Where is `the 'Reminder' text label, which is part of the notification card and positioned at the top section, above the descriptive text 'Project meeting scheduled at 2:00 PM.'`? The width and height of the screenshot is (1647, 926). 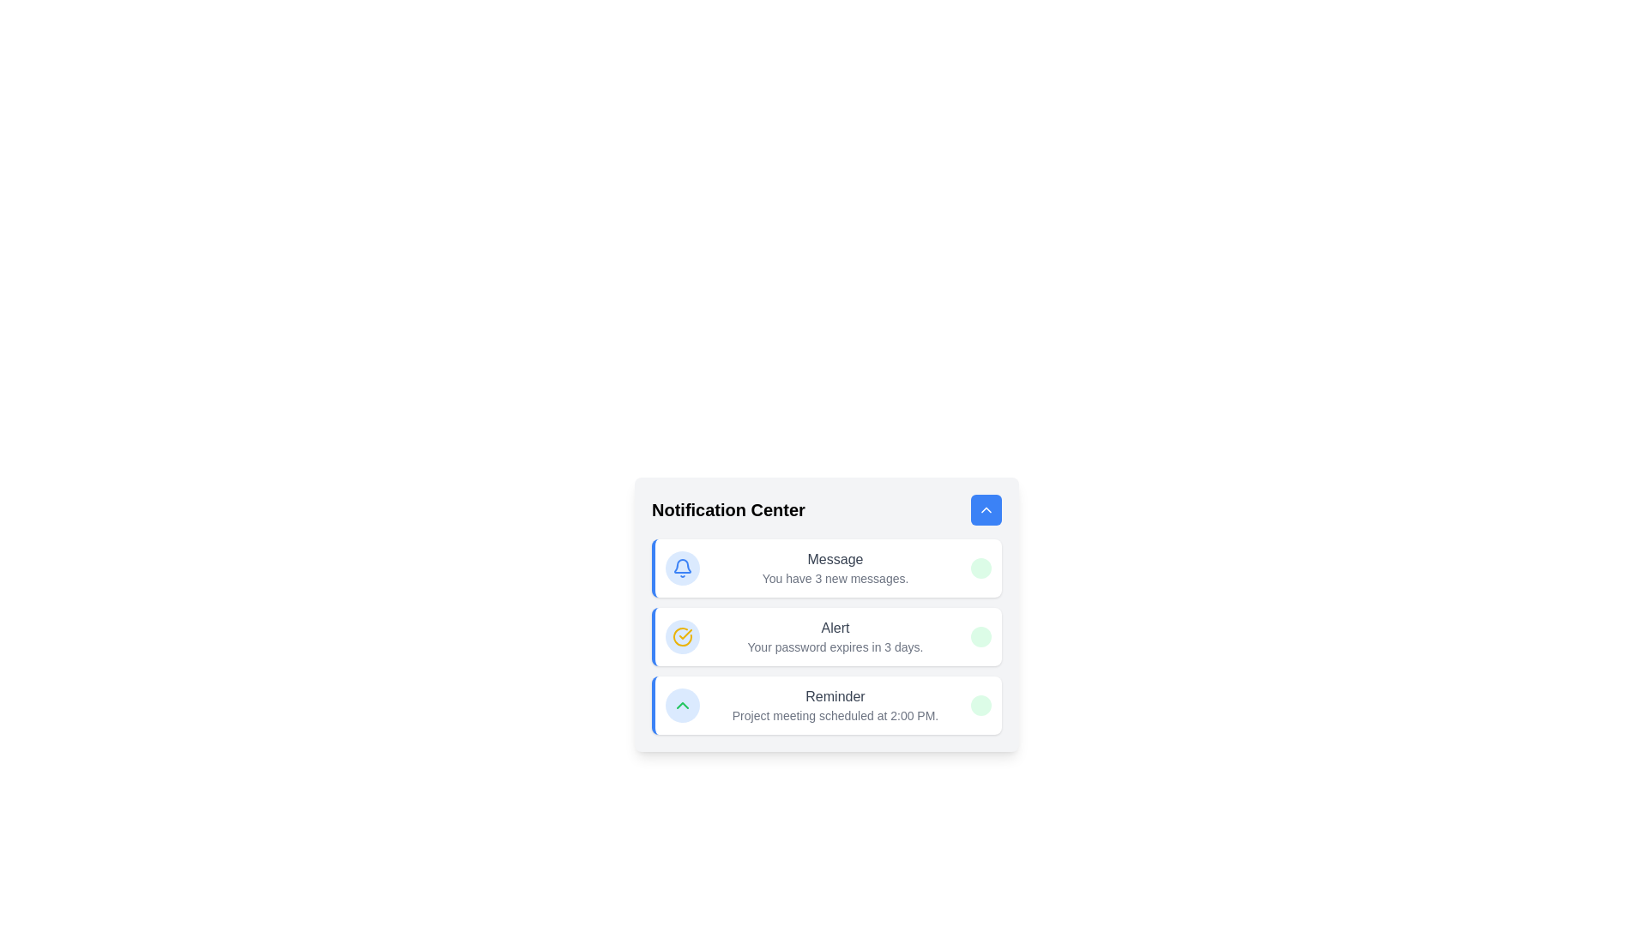 the 'Reminder' text label, which is part of the notification card and positioned at the top section, above the descriptive text 'Project meeting scheduled at 2:00 PM.' is located at coordinates (836, 697).